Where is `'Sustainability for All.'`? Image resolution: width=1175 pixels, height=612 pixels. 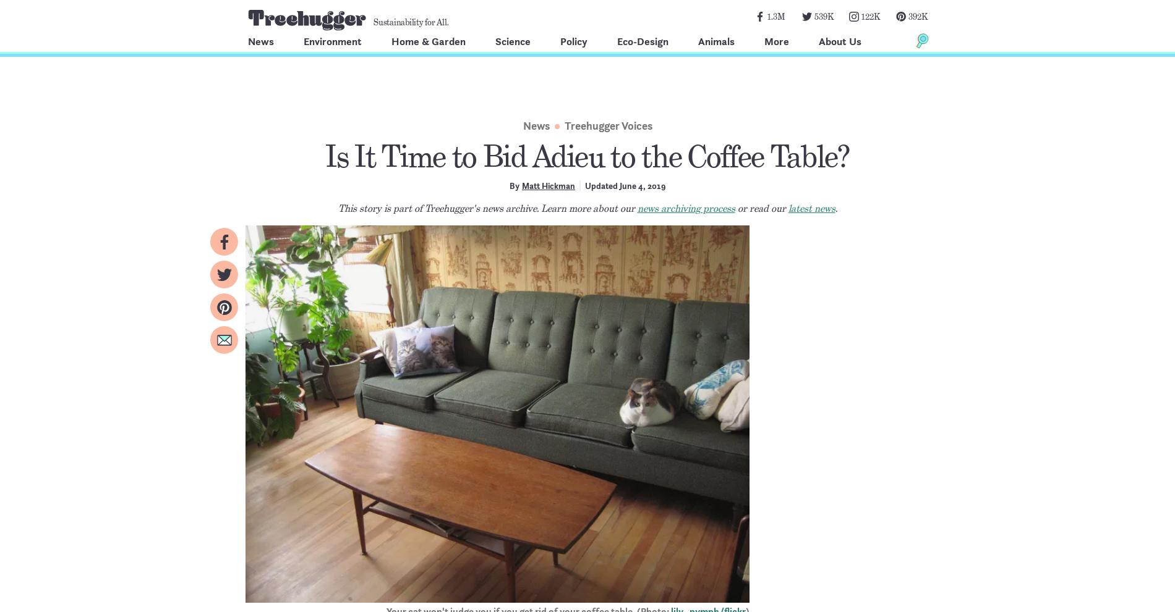 'Sustainability for All.' is located at coordinates (374, 21).